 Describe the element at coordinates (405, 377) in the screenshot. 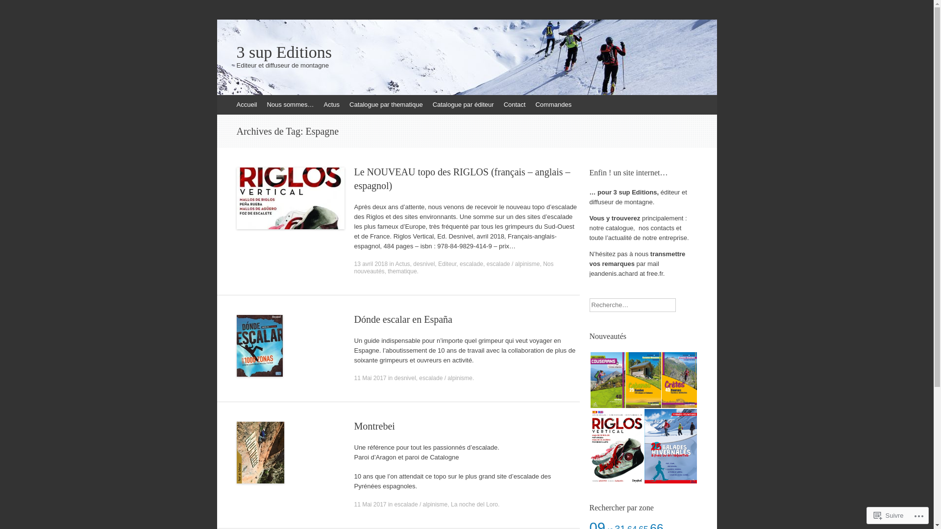

I see `'desnivel'` at that location.